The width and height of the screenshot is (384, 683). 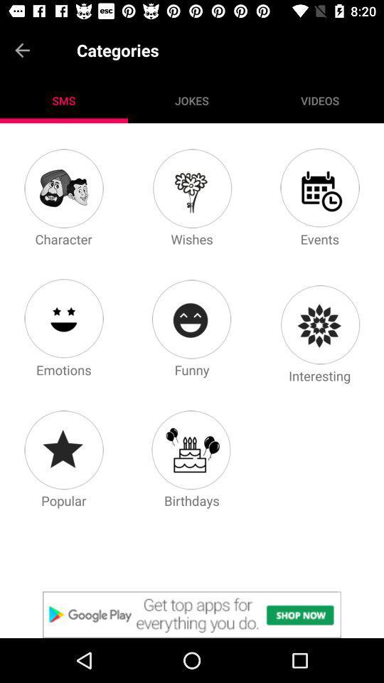 What do you see at coordinates (191, 449) in the screenshot?
I see `click birthdays icon` at bounding box center [191, 449].